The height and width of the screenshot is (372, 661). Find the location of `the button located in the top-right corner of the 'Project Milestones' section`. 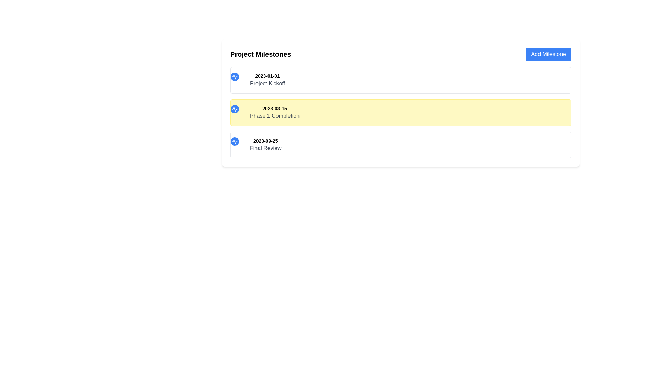

the button located in the top-right corner of the 'Project Milestones' section is located at coordinates (548, 54).